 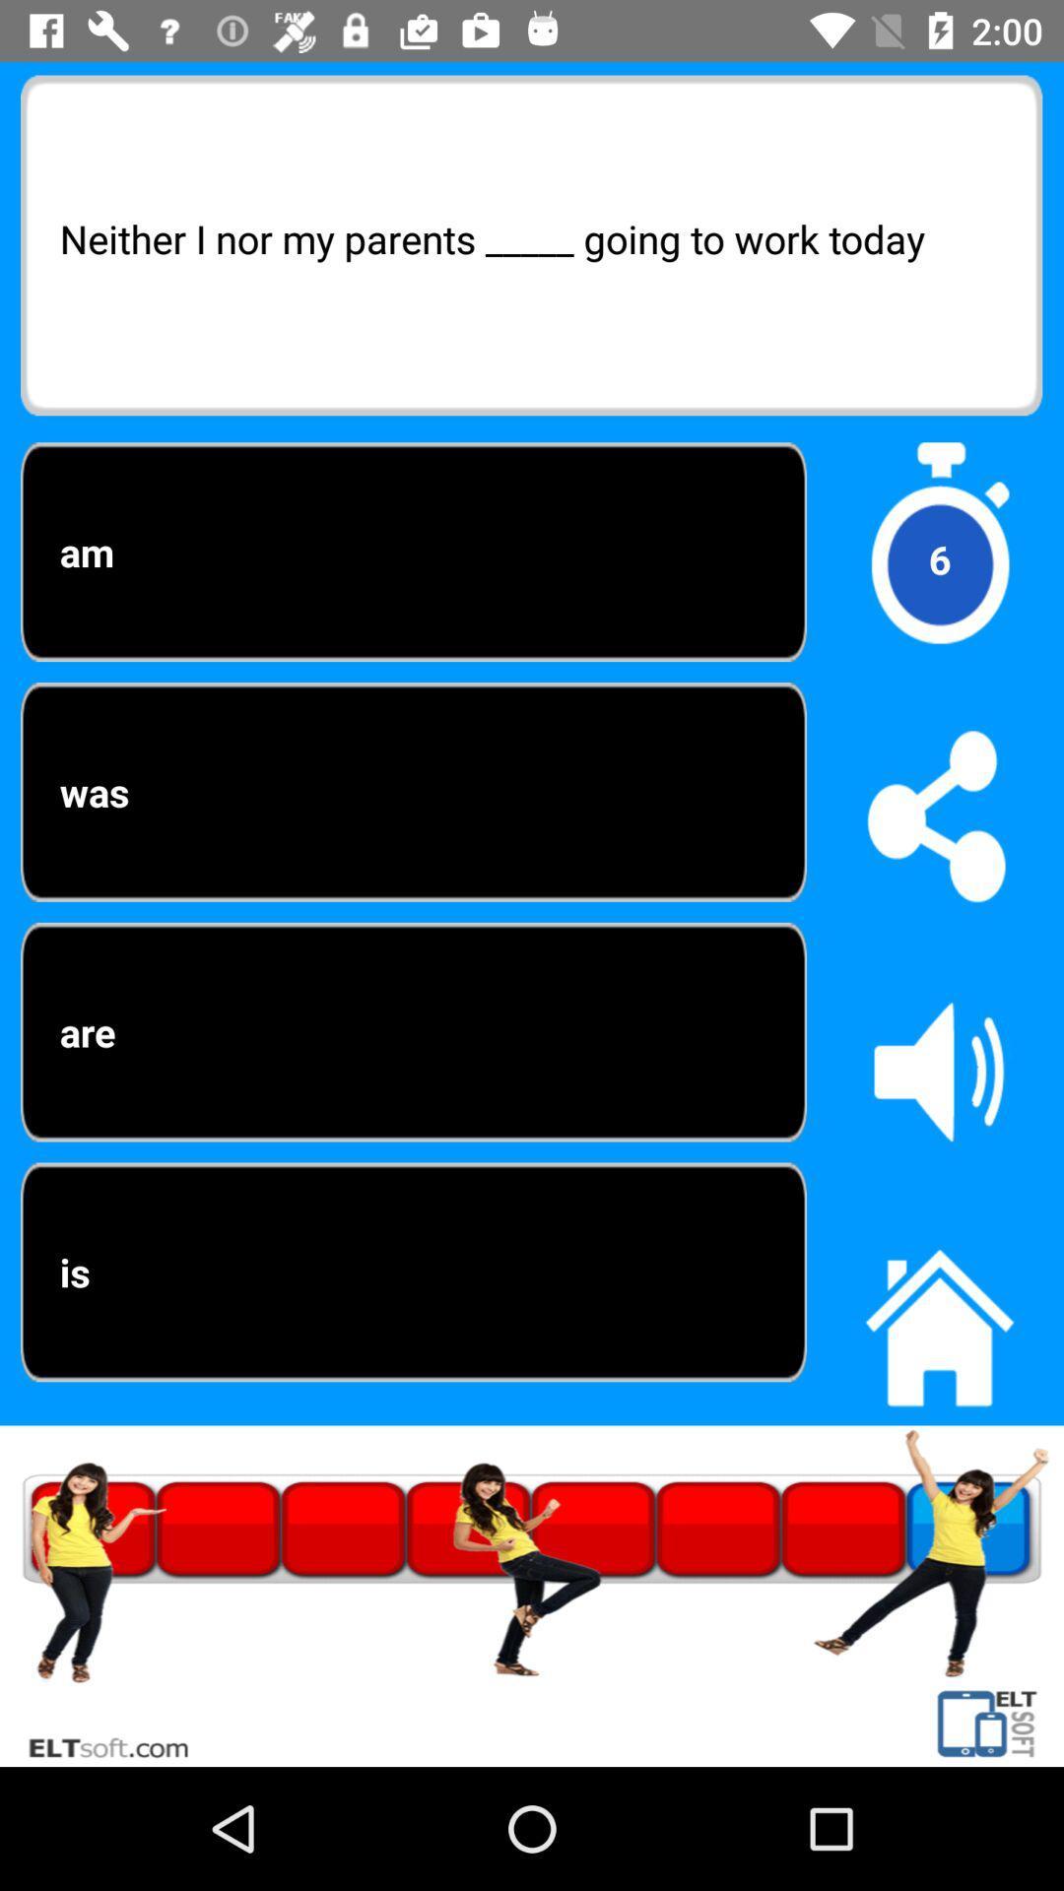 What do you see at coordinates (413, 552) in the screenshot?
I see `the am icon` at bounding box center [413, 552].